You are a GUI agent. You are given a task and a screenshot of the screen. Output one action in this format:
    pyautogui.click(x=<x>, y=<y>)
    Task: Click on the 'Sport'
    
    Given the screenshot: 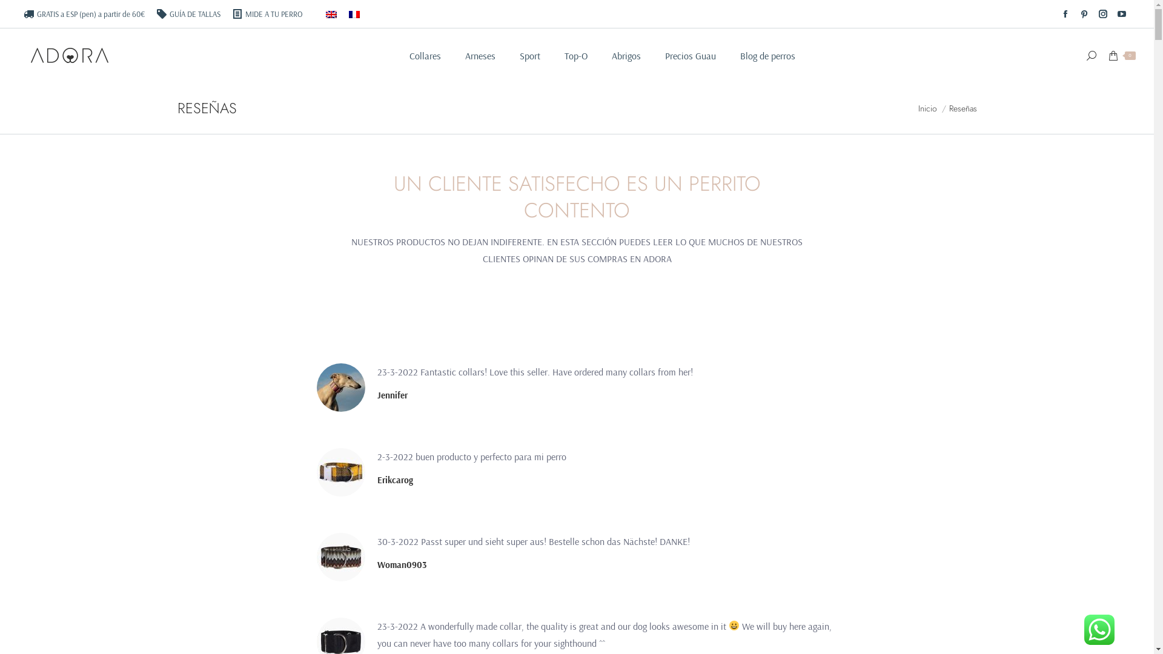 What is the action you would take?
    pyautogui.click(x=529, y=56)
    